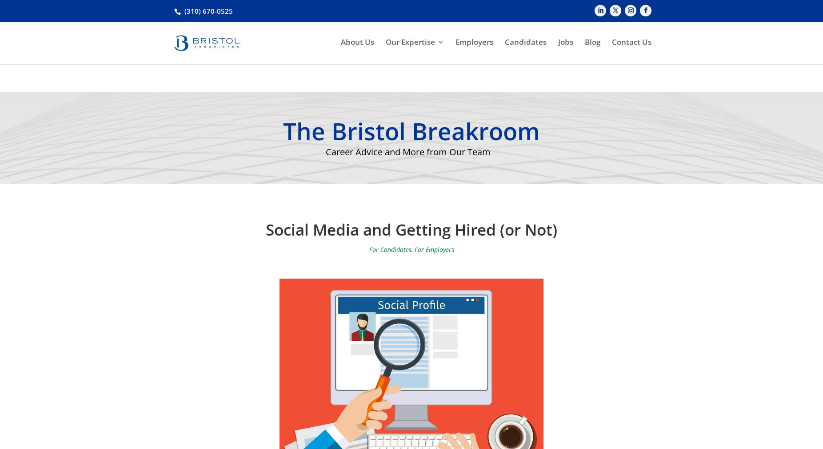 This screenshot has width=823, height=449. What do you see at coordinates (592, 57) in the screenshot?
I see `'Blog'` at bounding box center [592, 57].